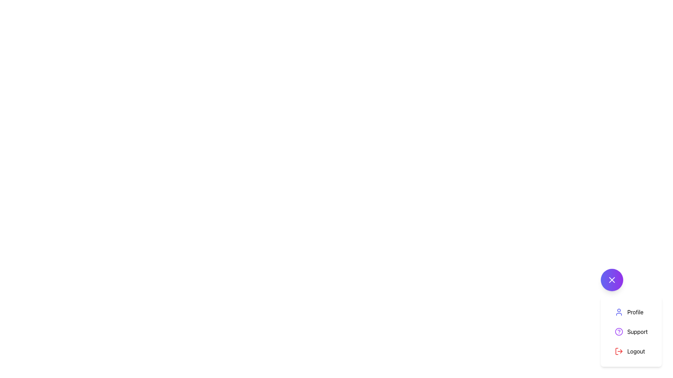 The height and width of the screenshot is (378, 673). I want to click on the 'Support' text label in the contextual menu, so click(637, 331).